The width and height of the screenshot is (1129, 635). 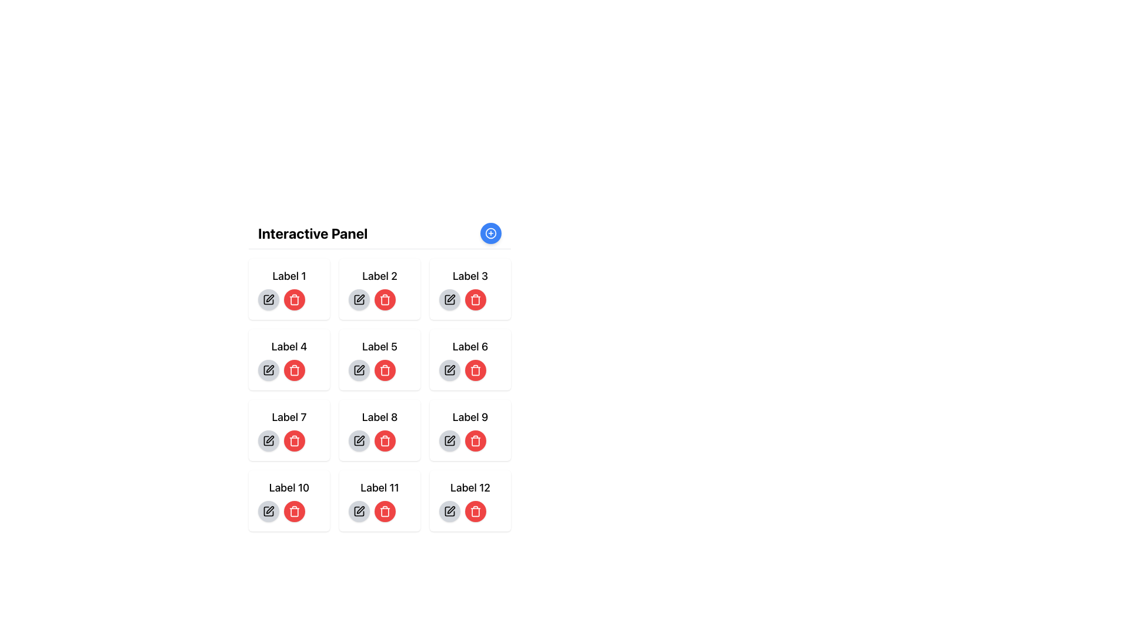 What do you see at coordinates (476, 440) in the screenshot?
I see `the Delete Icon Button, which is a white trash can icon outlined with a red background` at bounding box center [476, 440].